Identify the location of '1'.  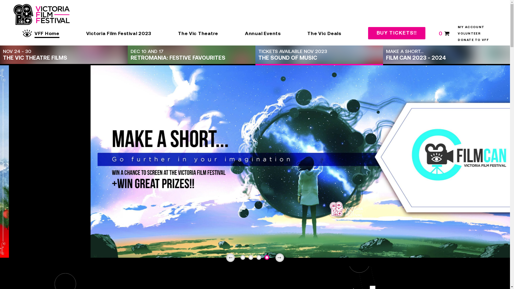
(243, 257).